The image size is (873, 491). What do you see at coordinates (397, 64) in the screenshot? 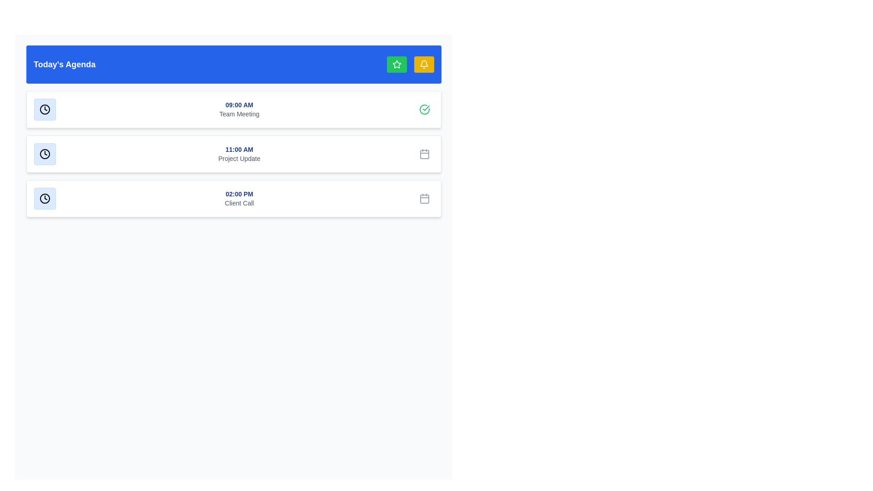
I see `the green button with rounded edges and a white star icon outlined in black located in the top-right panel of the interface for additional details or effects` at bounding box center [397, 64].